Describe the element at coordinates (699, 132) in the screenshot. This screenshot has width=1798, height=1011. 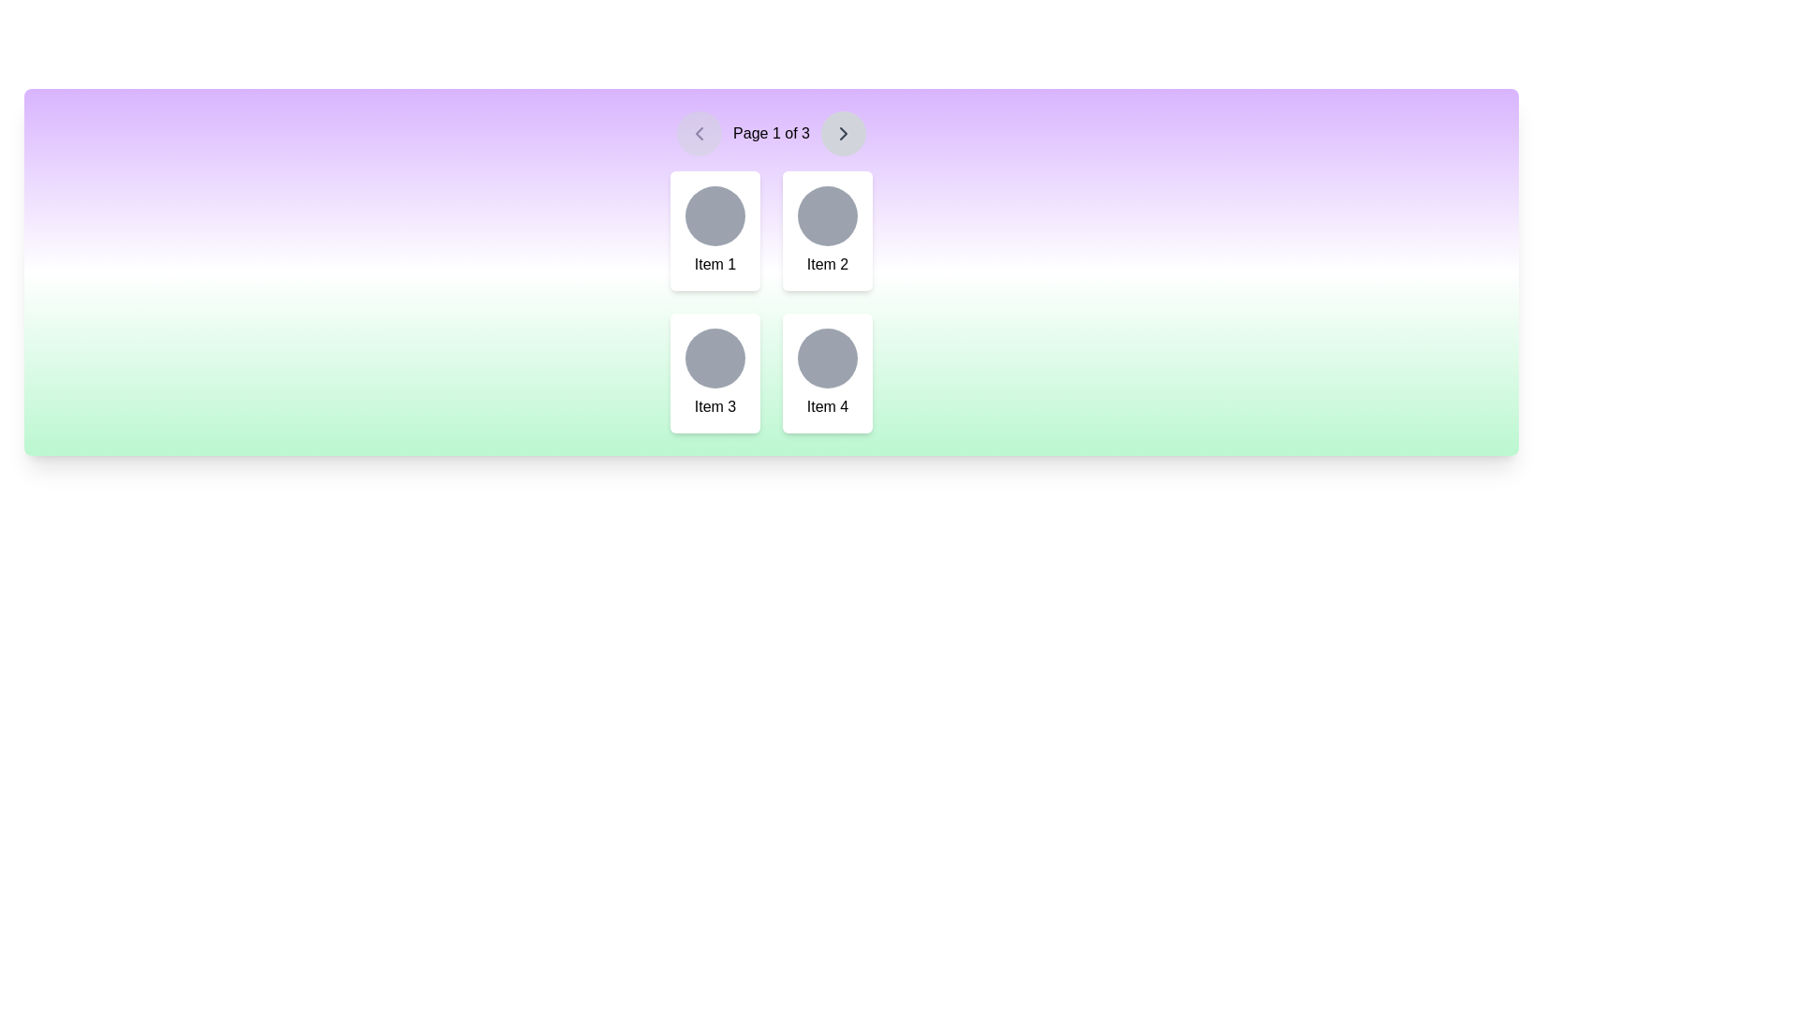
I see `the pagination control button with an embedded left chevron icon` at that location.